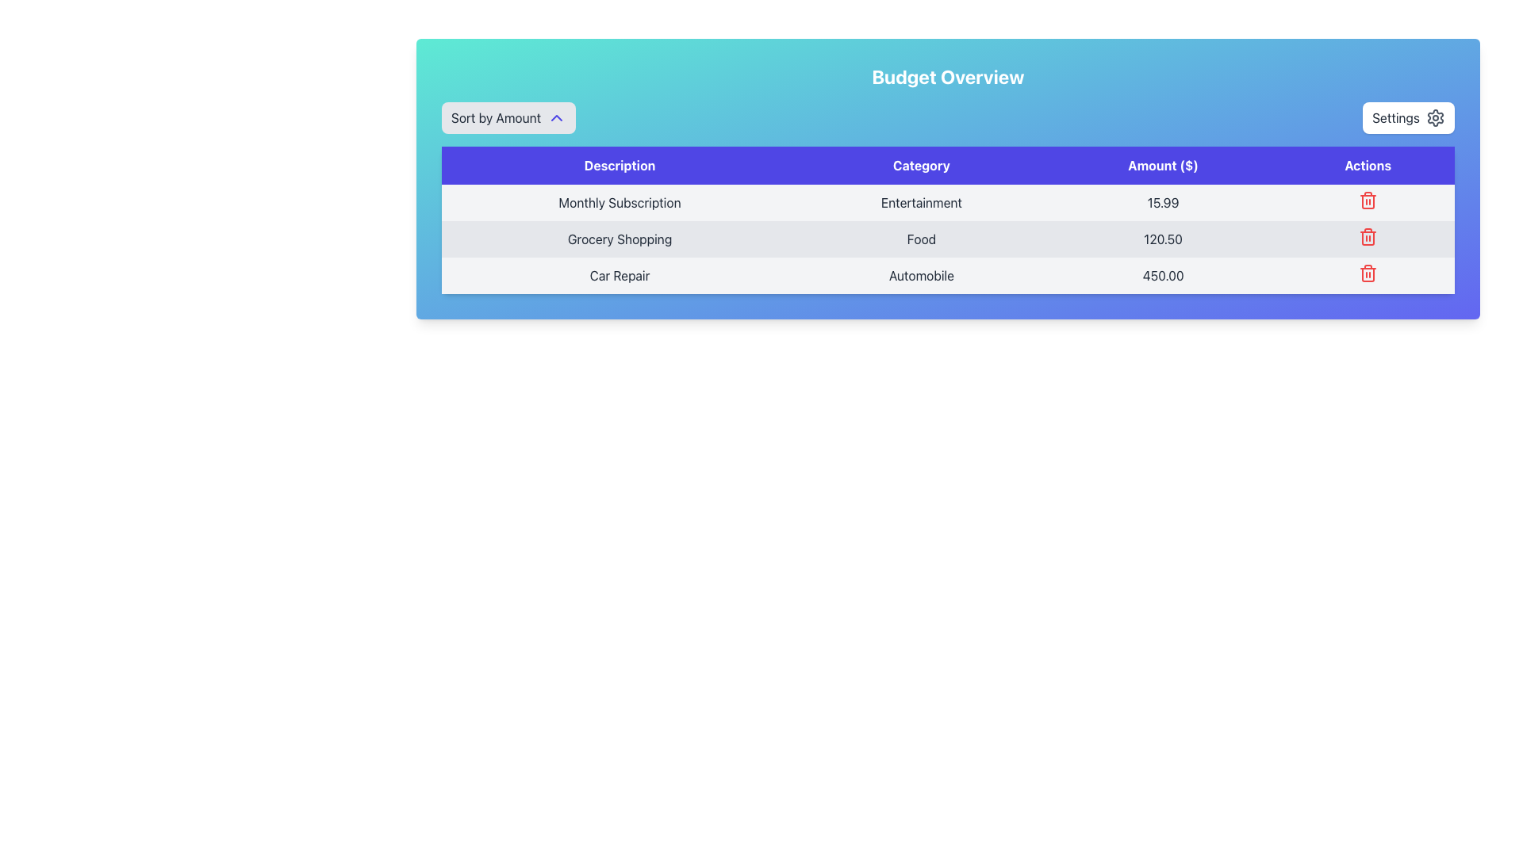  I want to click on the second row of the table displaying transaction details, so click(948, 239).